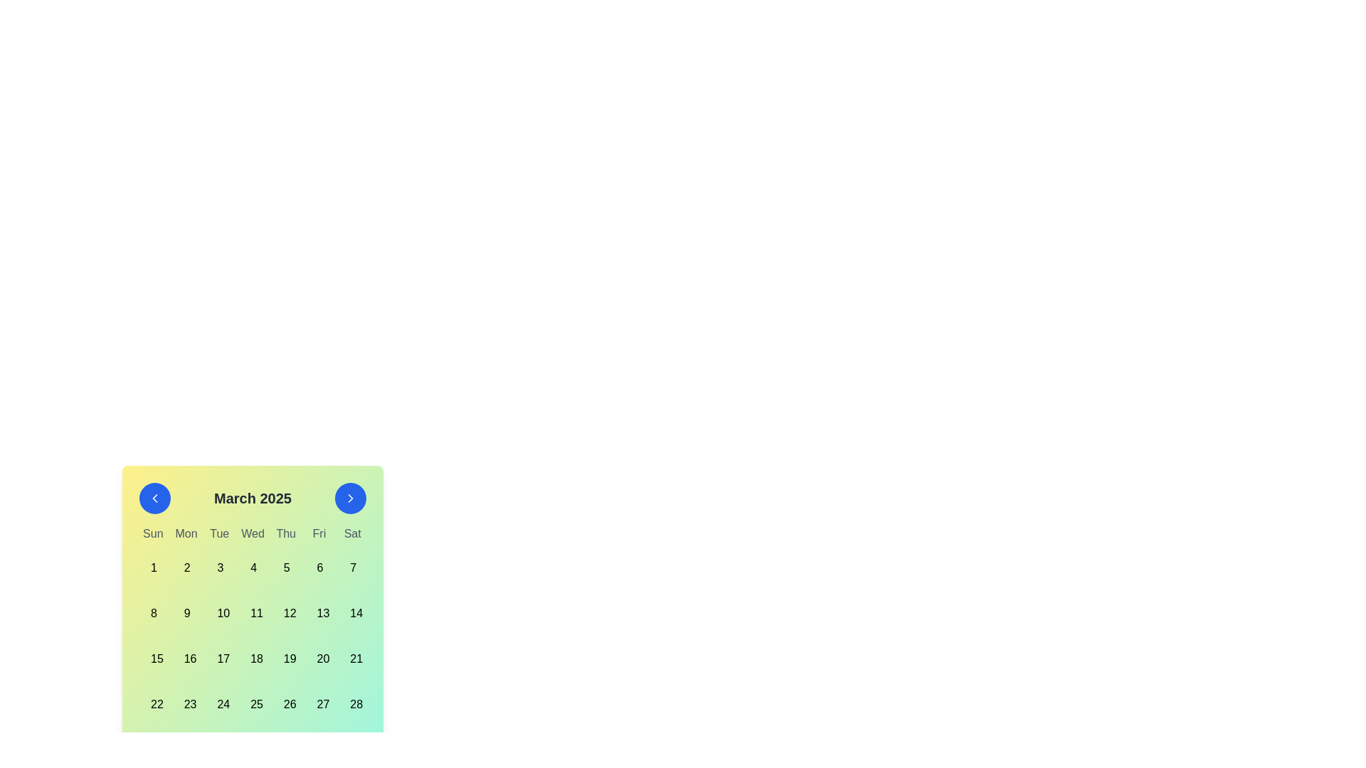 This screenshot has width=1366, height=768. I want to click on the calendar day cell displaying the text '9', so click(186, 613).